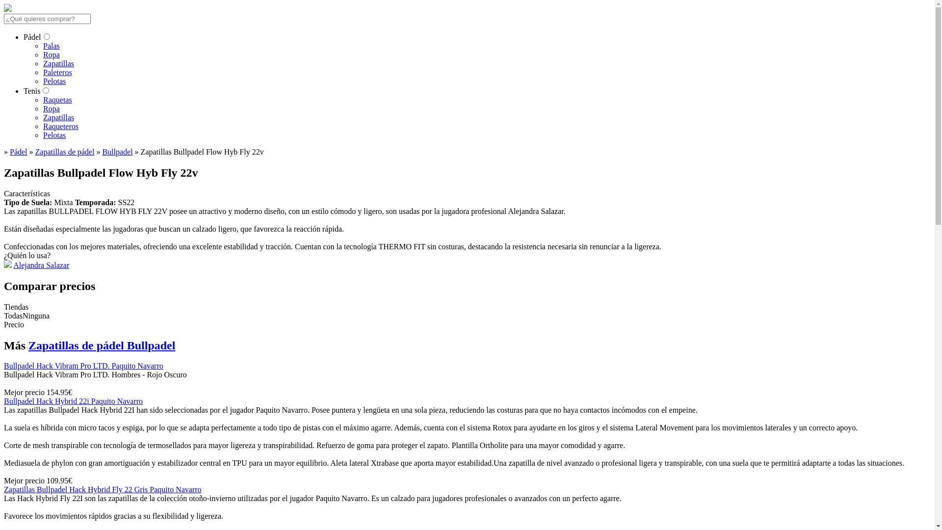 This screenshot has height=530, width=942. I want to click on 'Zapatillas Bullpadel Hack Hybrid Fly 22 Gris Paquito Navarro', so click(103, 489).